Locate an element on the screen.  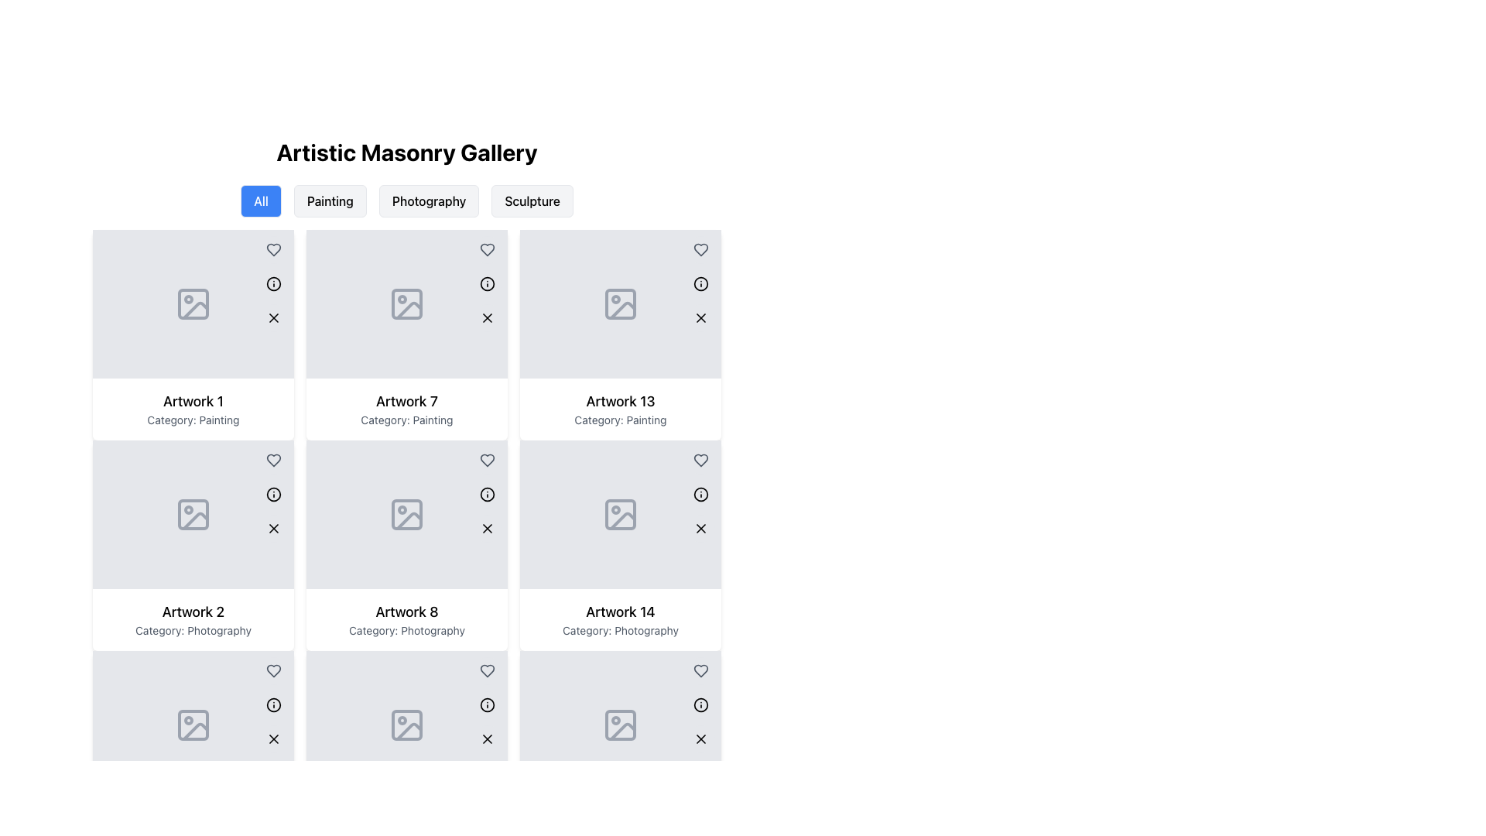
the heart icon button in the top-left corner of the 'Artwork 7 Category: Painting' card is located at coordinates (486, 249).